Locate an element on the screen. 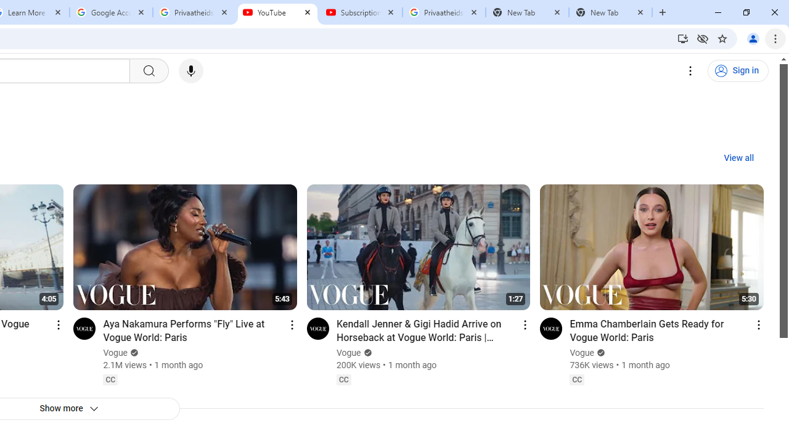  'Subscriptions - YouTube' is located at coordinates (360, 12).